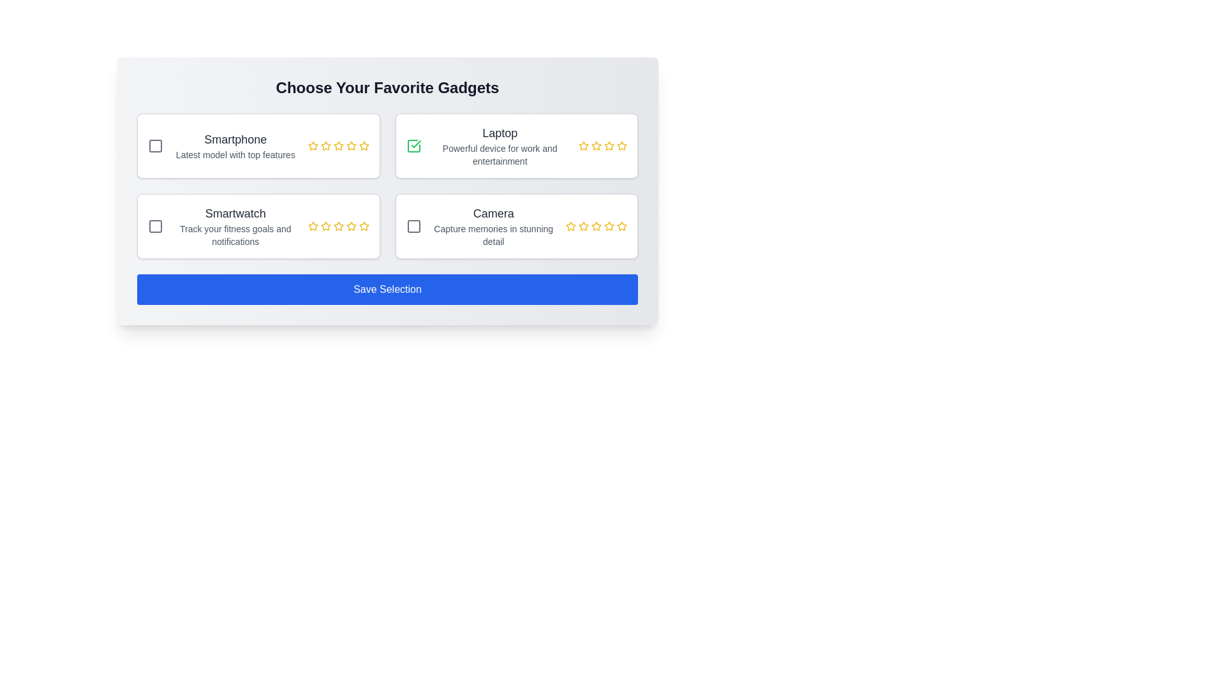 This screenshot has height=689, width=1225. I want to click on the fourth star icon in the rating system for the 'Camera' item, which is located in the bottom-right grid cell beneath the 'Camera' item title, so click(596, 225).